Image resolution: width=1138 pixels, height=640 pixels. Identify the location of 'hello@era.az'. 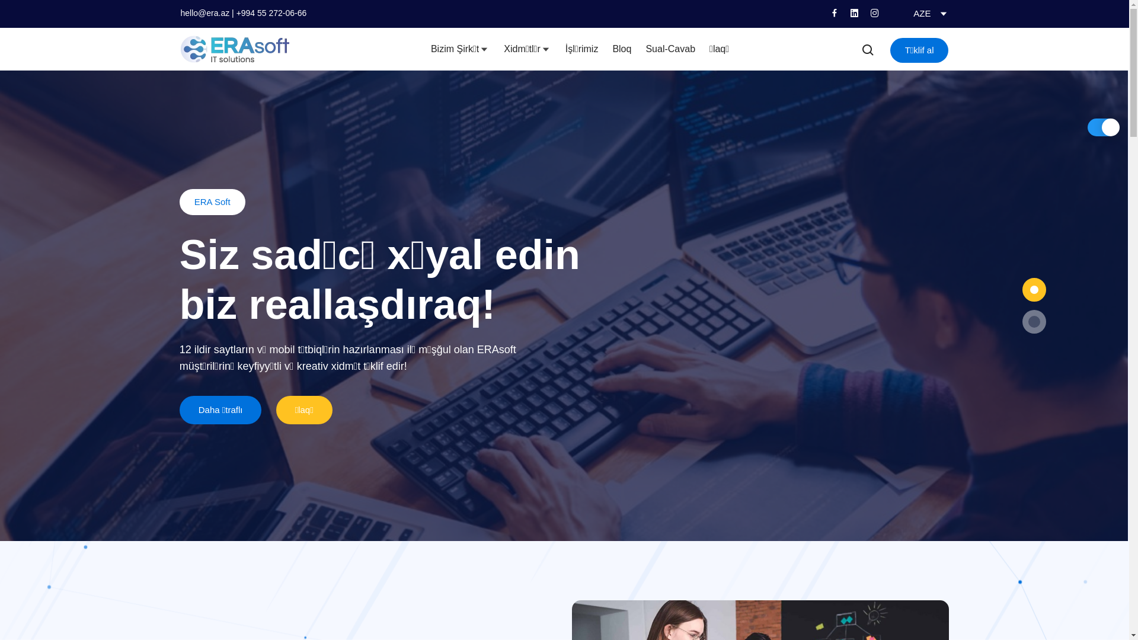
(204, 13).